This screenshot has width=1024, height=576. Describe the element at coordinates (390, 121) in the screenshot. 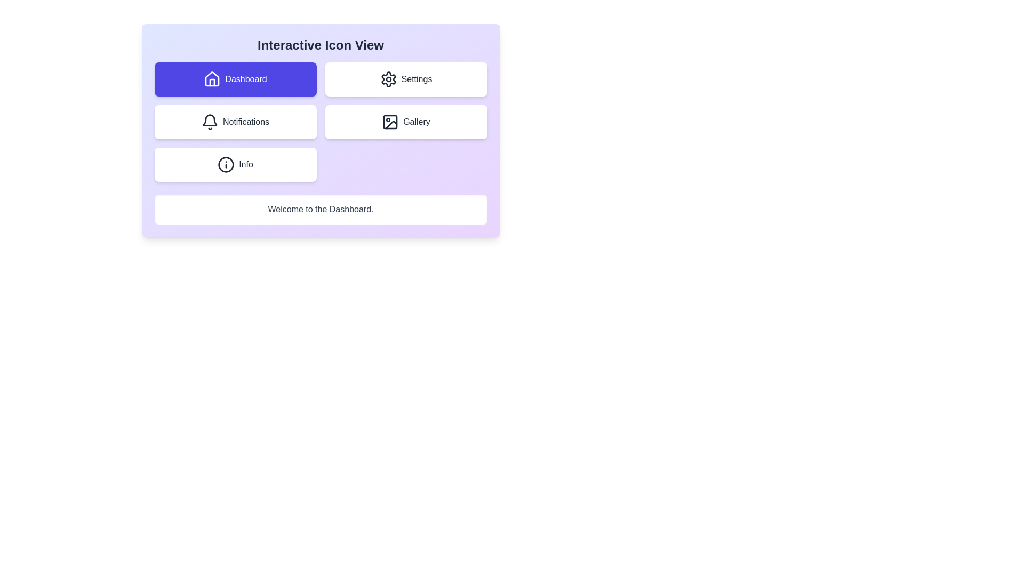

I see `the SVG rectangle element that is part of the 'Gallery' button, located in the second row, second column of the grid layout, which serves a decorative purpose for the gallery icon` at that location.